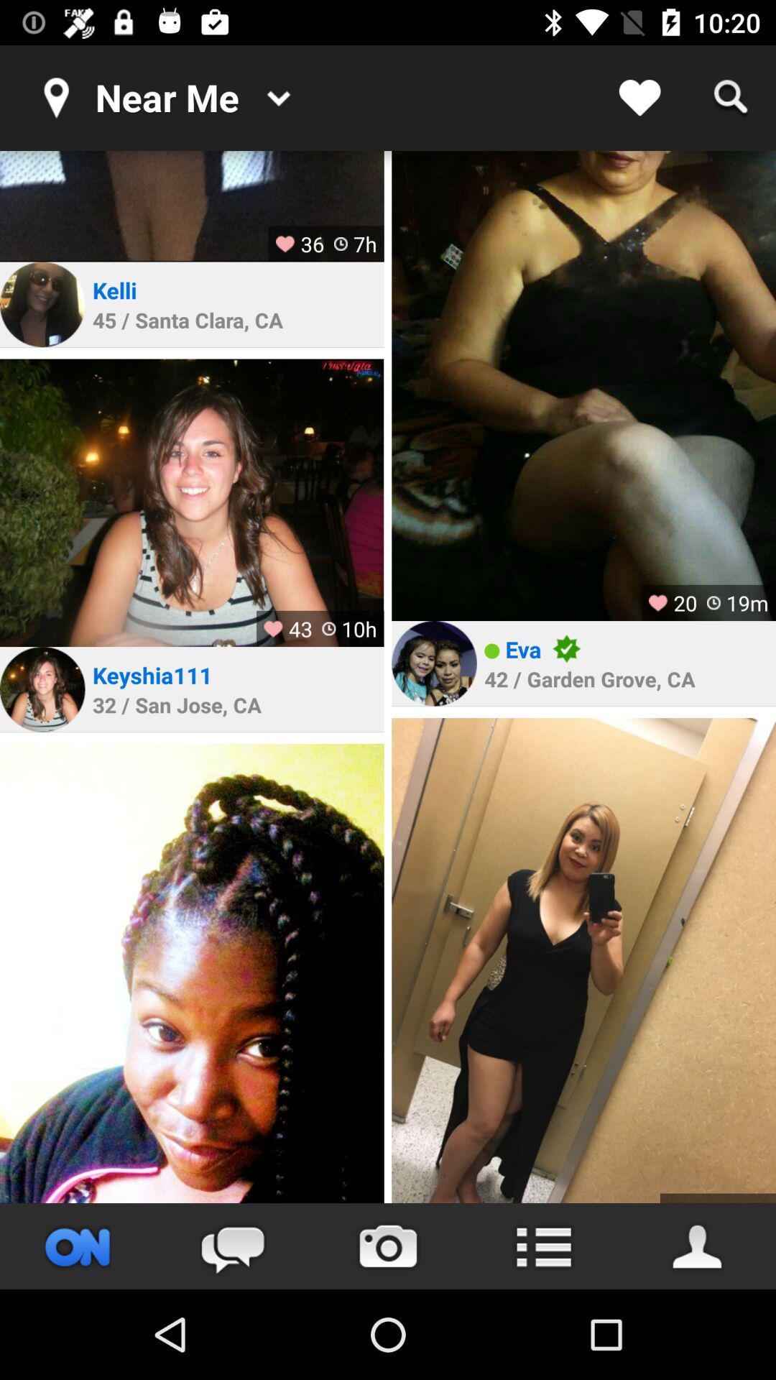  What do you see at coordinates (583, 386) in the screenshot?
I see `profile picture` at bounding box center [583, 386].